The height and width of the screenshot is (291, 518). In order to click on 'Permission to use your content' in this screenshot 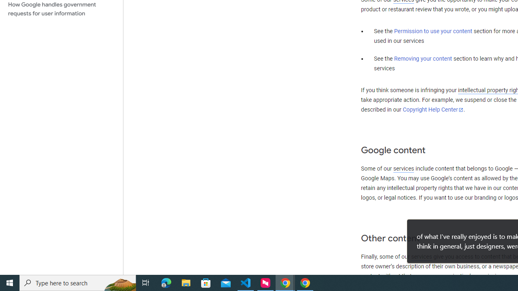, I will do `click(433, 31)`.